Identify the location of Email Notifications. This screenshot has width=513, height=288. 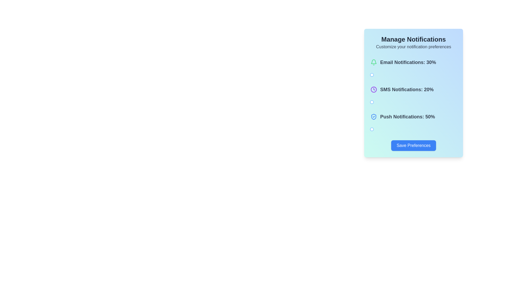
(372, 75).